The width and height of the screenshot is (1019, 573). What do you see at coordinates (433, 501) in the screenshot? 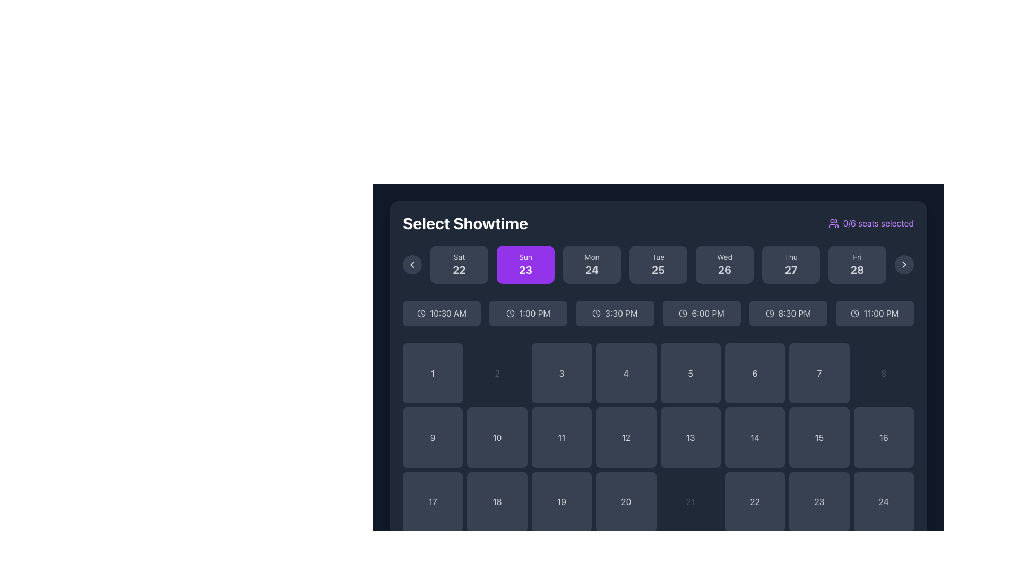
I see `the square-shaped button with rounded corners and the numeric text '17' centered in light gray color, located at the bottom-left section of the grid layout` at bounding box center [433, 501].